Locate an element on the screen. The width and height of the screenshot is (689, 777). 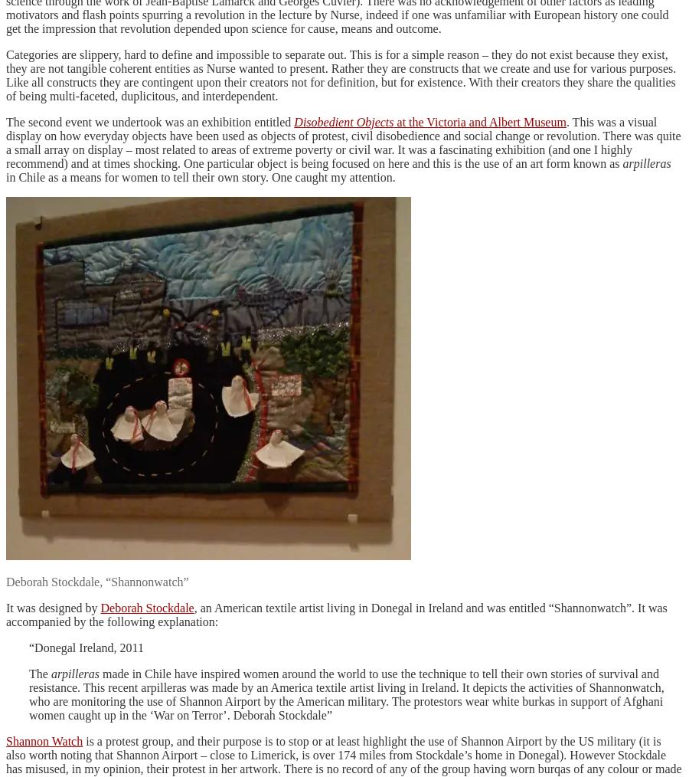
'The second event we undertook was an exhibition entitled' is located at coordinates (150, 121).